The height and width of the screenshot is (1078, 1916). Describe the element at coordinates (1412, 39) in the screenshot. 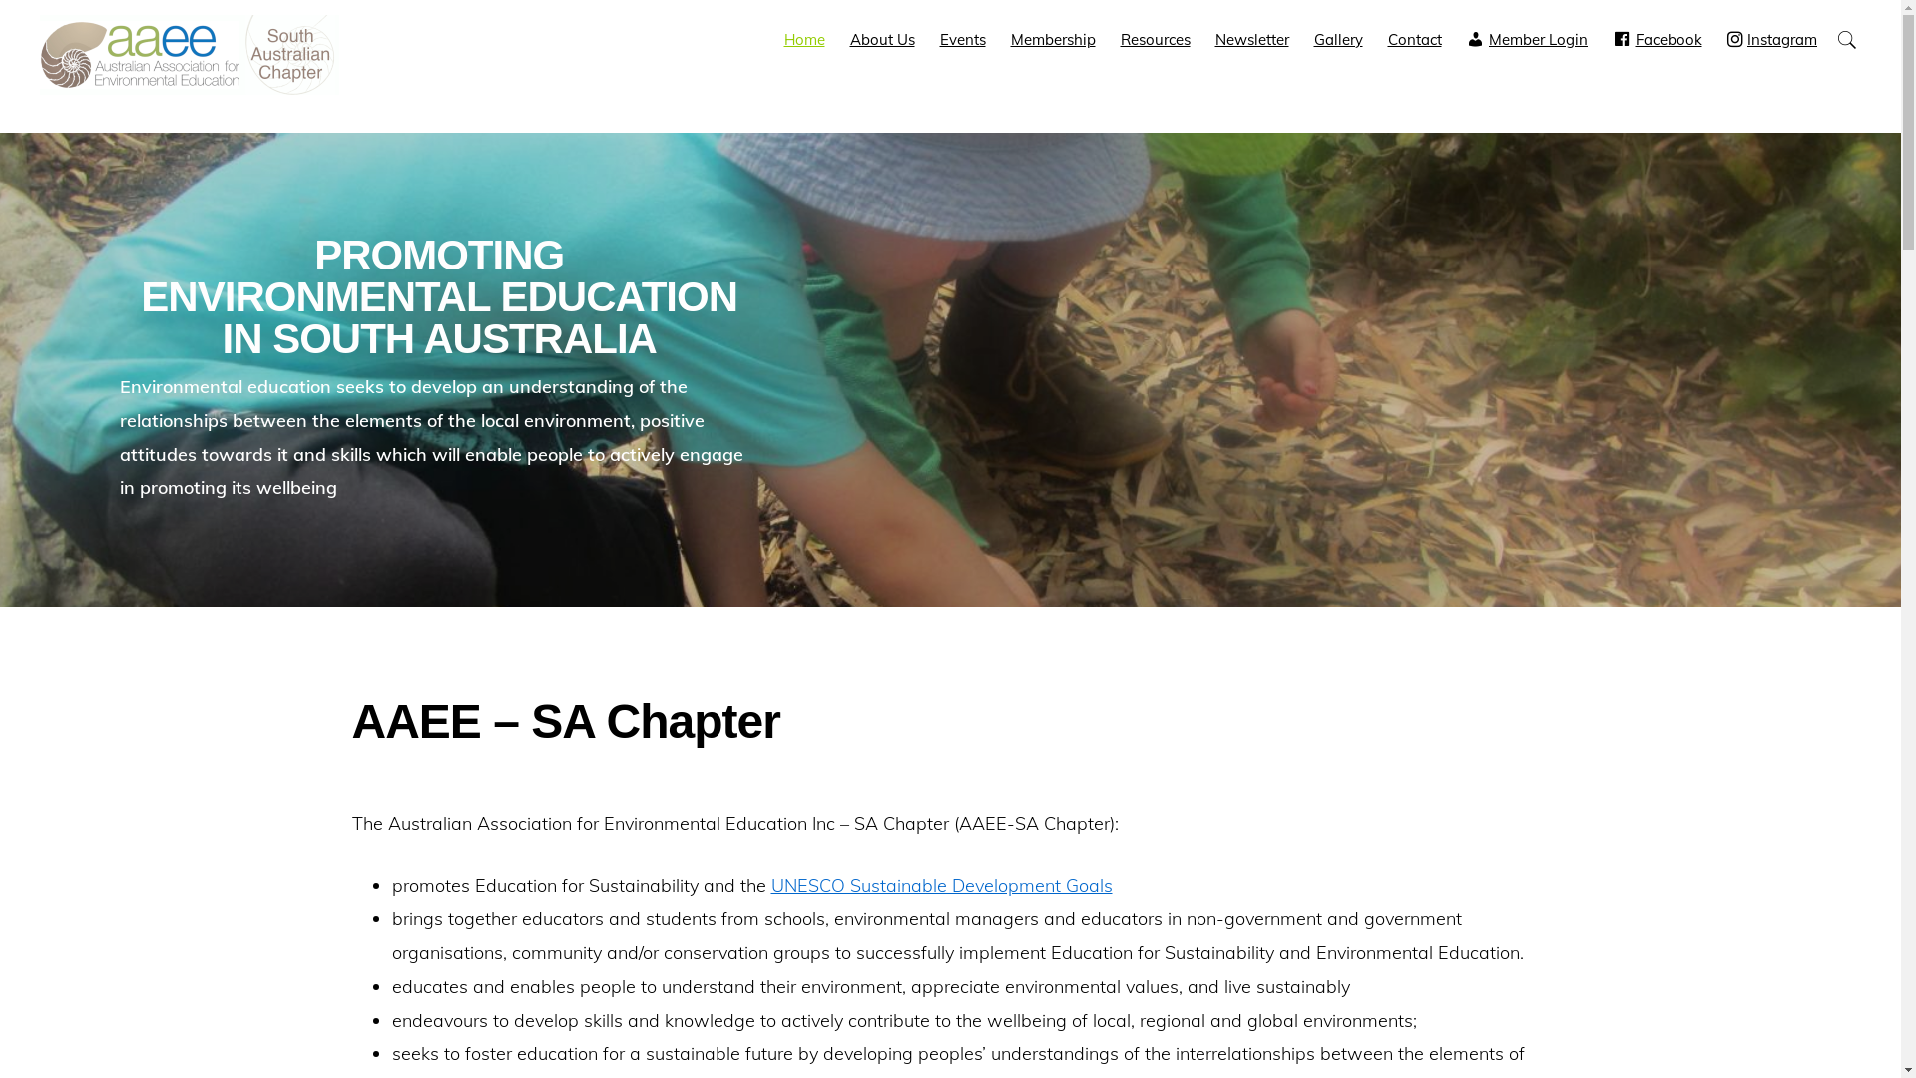

I see `'Contact'` at that location.